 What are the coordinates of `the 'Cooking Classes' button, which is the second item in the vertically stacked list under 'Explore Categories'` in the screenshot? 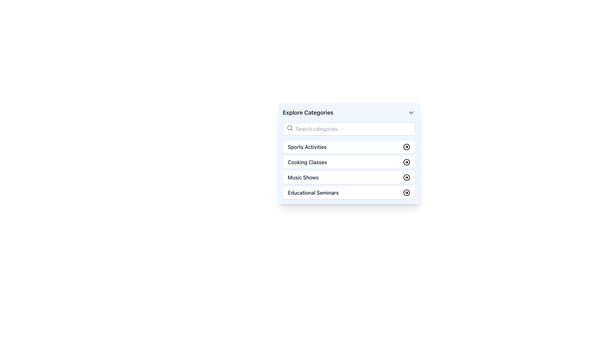 It's located at (348, 162).